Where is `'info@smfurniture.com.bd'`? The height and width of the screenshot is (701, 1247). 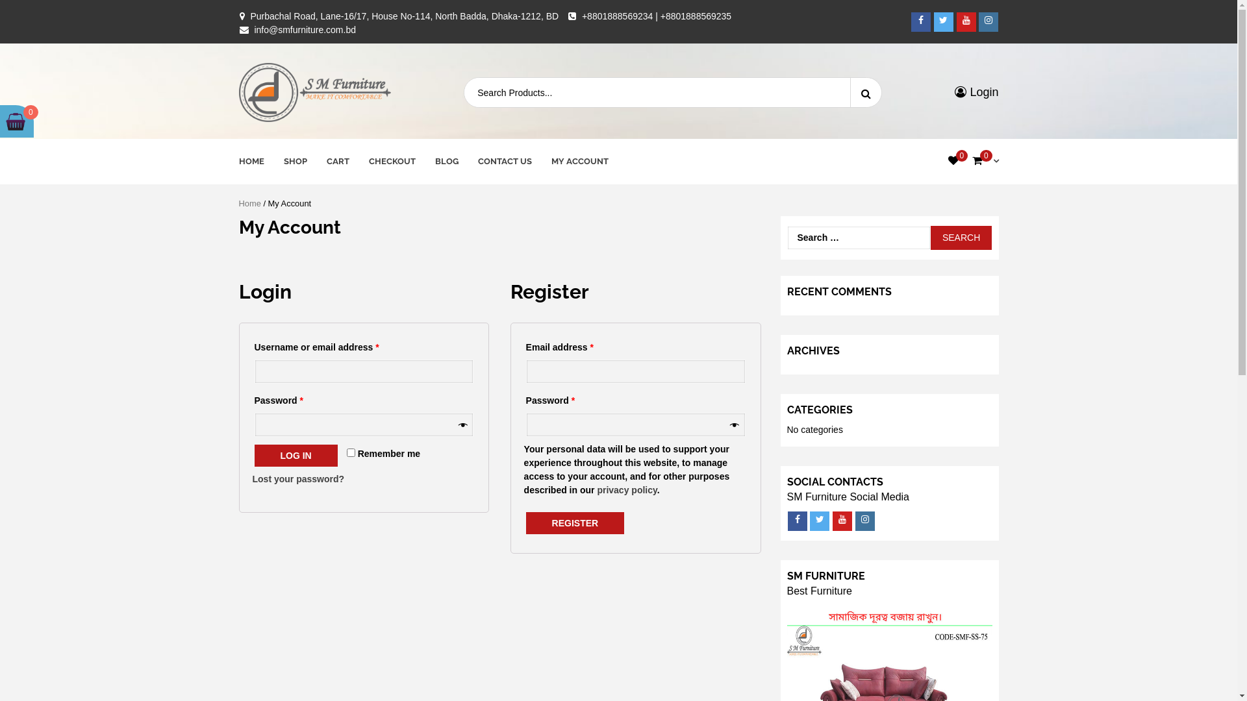 'info@smfurniture.com.bd' is located at coordinates (253, 29).